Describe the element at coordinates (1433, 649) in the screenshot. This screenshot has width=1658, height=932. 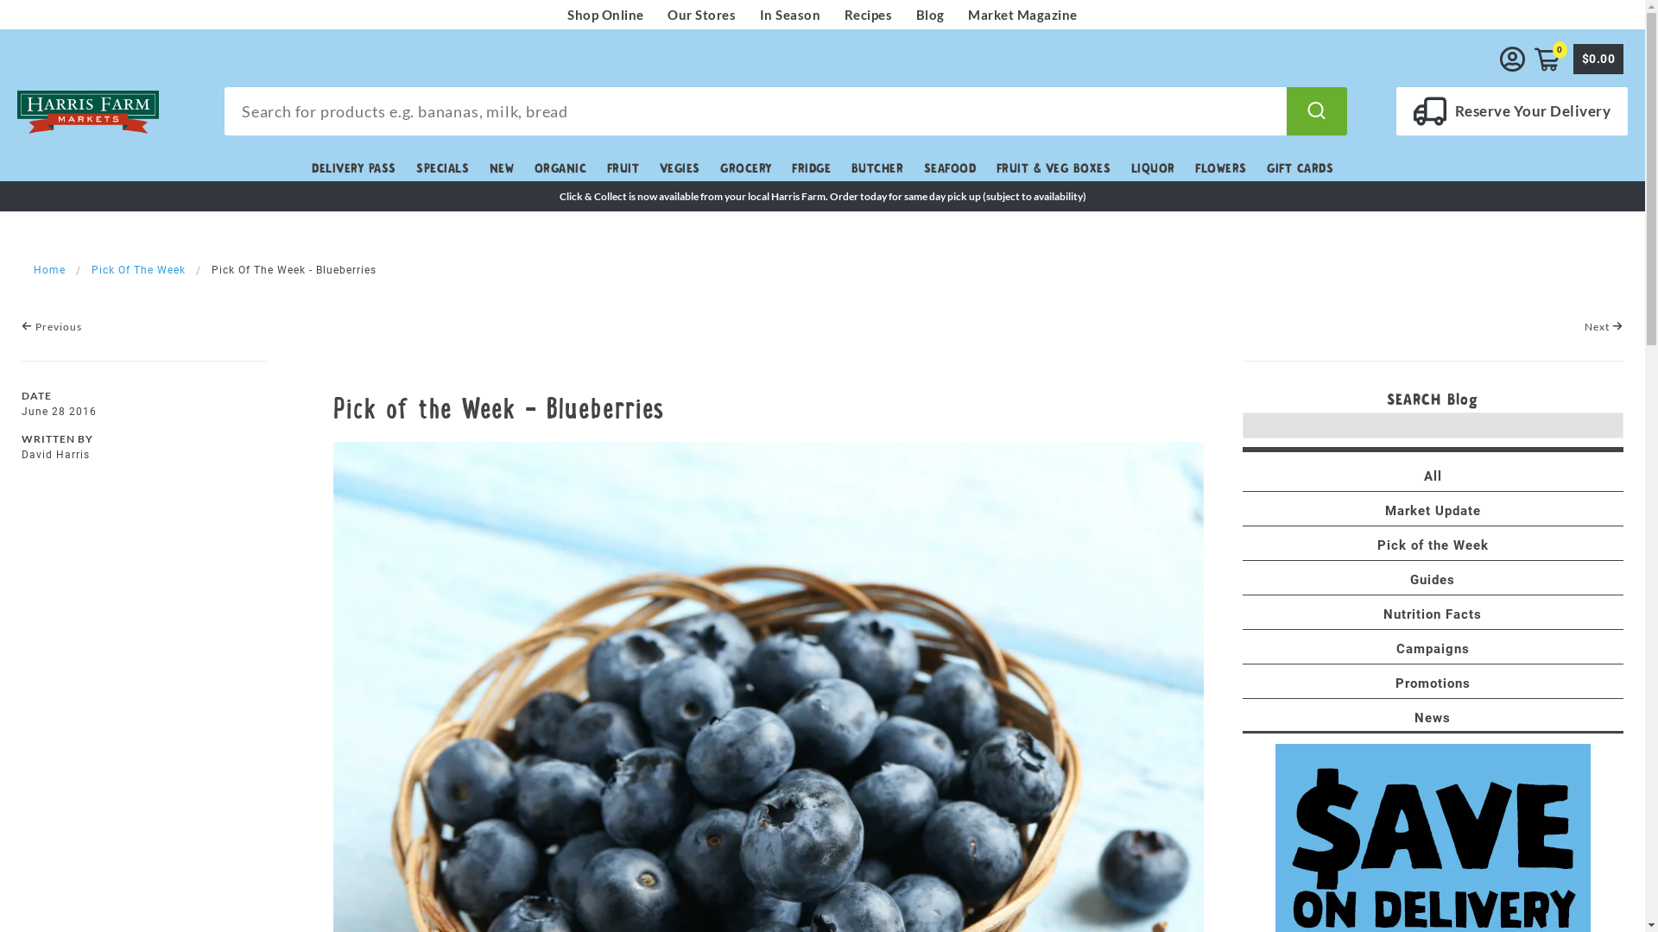
I see `'Campaigns'` at that location.